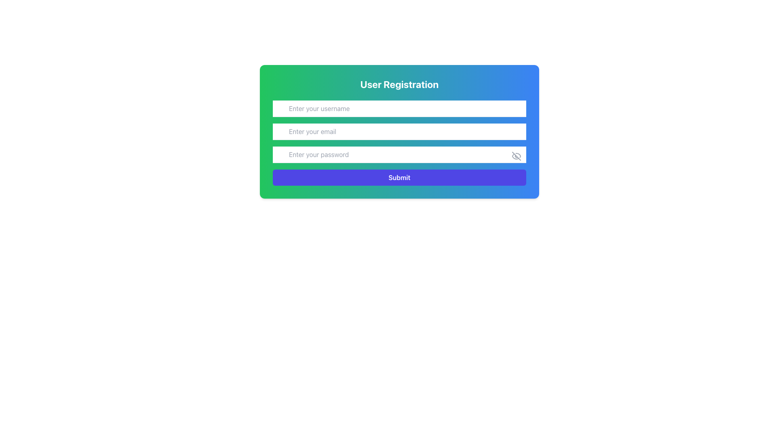 This screenshot has width=776, height=436. What do you see at coordinates (516, 156) in the screenshot?
I see `the password visibility toggle button, which is styled with an eye icon with a slash through it, located at the top right corner inside the password input field` at bounding box center [516, 156].